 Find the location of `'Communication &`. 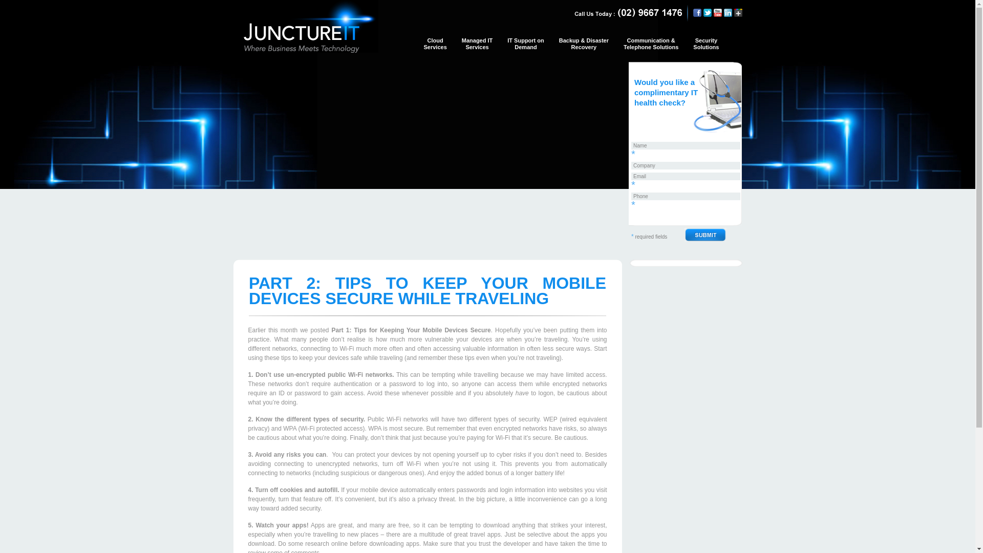

'Communication & is located at coordinates (619, 47).